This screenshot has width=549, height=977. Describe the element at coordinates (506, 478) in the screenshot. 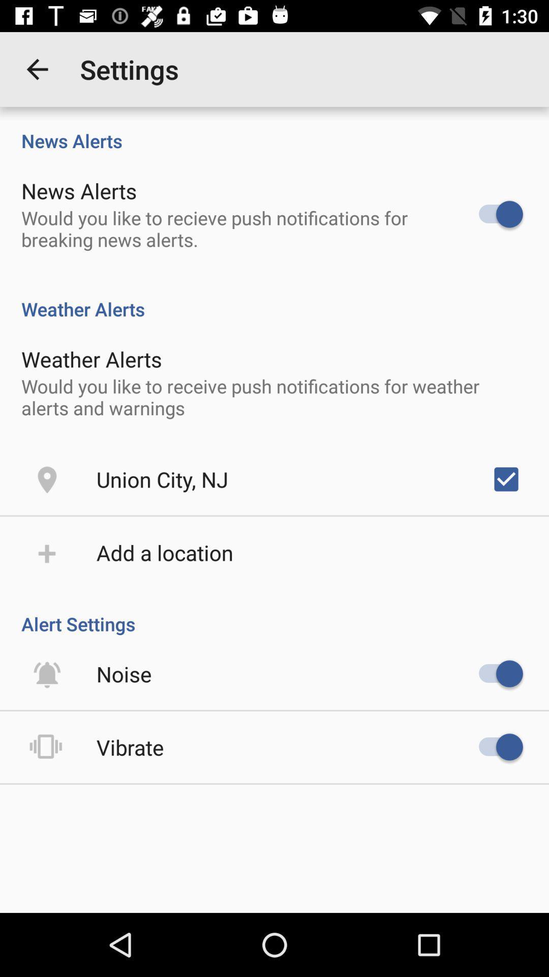

I see `the item next to the union city, nj item` at that location.